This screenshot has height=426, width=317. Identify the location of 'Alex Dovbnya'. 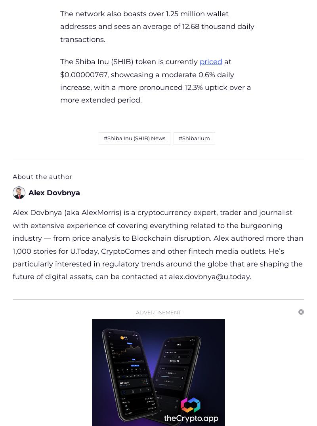
(29, 192).